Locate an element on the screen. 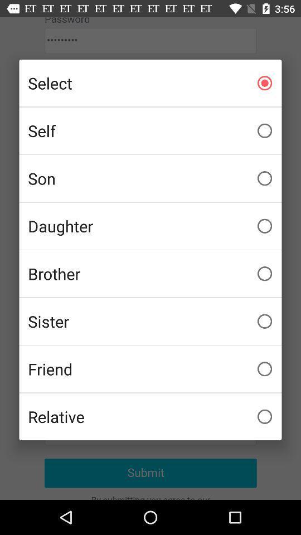  checkbox below friend is located at coordinates (151, 416).